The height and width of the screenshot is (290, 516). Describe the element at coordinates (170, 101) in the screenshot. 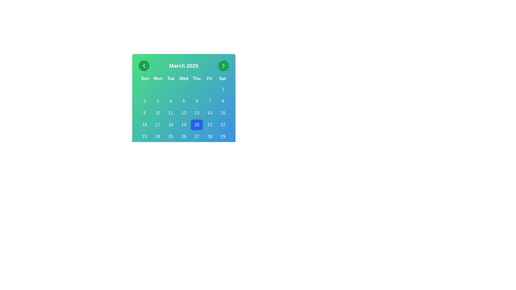

I see `the button displaying the number '4' in the calendar grid to change its background color to blue` at that location.